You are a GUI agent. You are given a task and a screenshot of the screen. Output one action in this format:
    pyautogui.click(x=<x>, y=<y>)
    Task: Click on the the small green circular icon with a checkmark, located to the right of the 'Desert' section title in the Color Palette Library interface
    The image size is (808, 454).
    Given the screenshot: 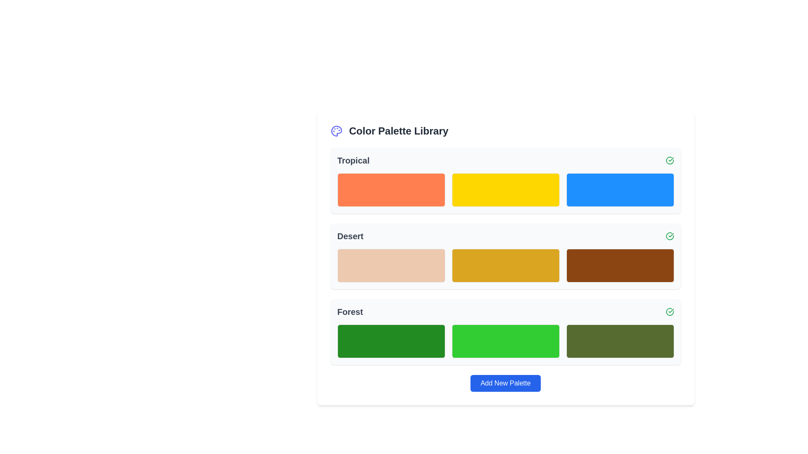 What is the action you would take?
    pyautogui.click(x=669, y=236)
    